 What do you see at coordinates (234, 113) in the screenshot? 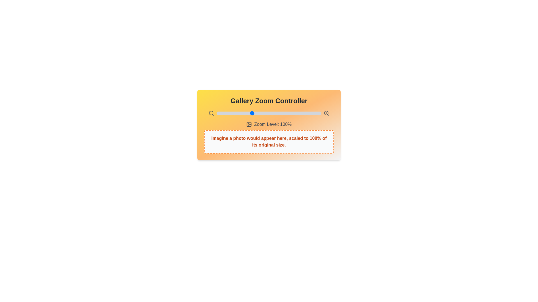
I see `the zoom level to 75% by interacting with the slider` at bounding box center [234, 113].